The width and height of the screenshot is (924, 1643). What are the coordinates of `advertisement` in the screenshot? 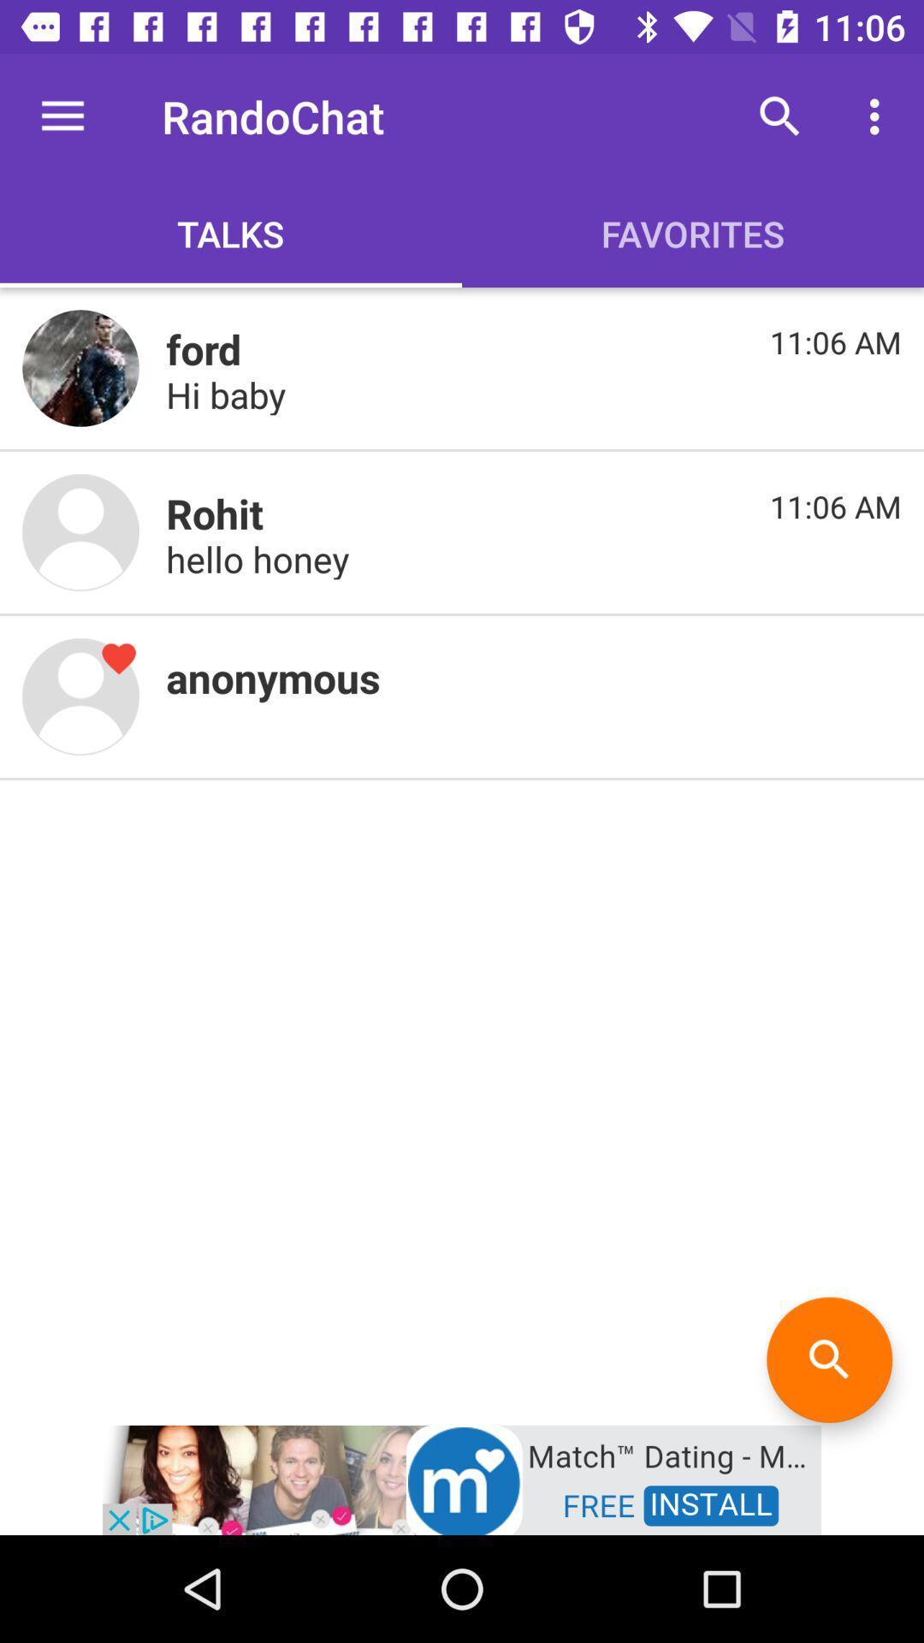 It's located at (462, 1478).